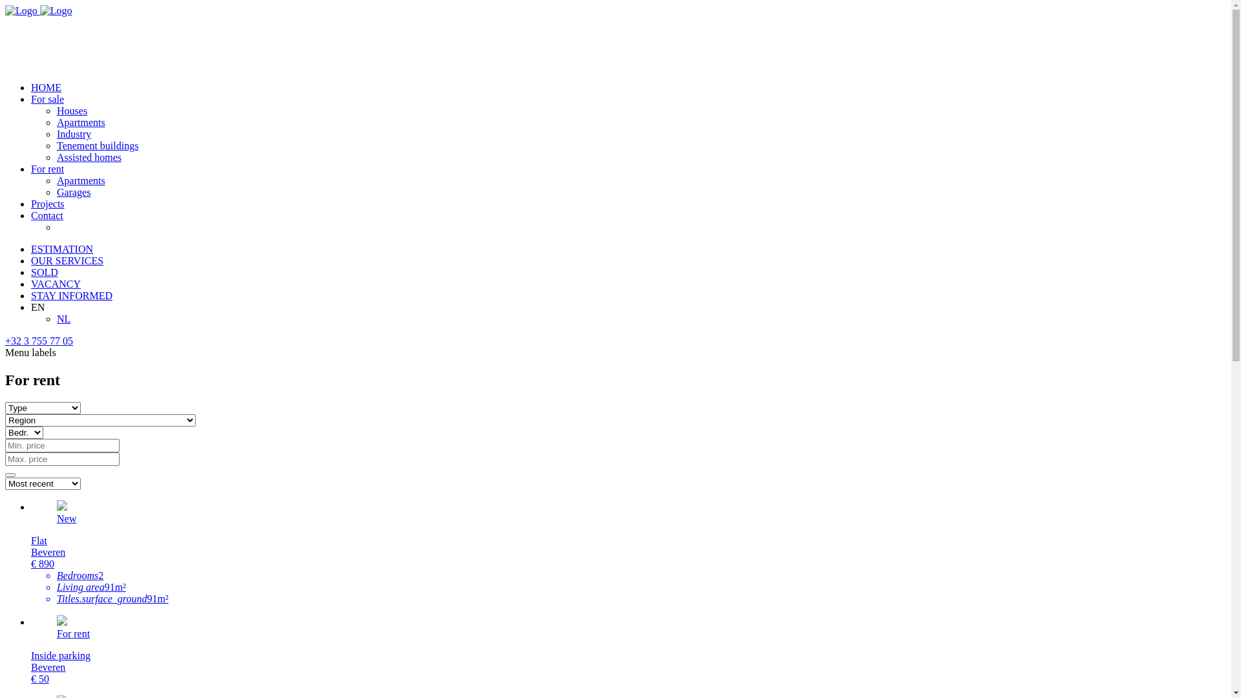 This screenshot has width=1241, height=698. I want to click on 'SOLD', so click(44, 271).